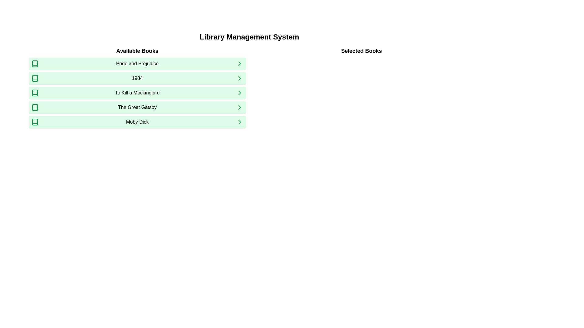  Describe the element at coordinates (137, 93) in the screenshot. I see `the interactive button labeled 'To Kill a Mockingbird' with a light green background, located in the 'Available Books' section as the third element in the list` at that location.